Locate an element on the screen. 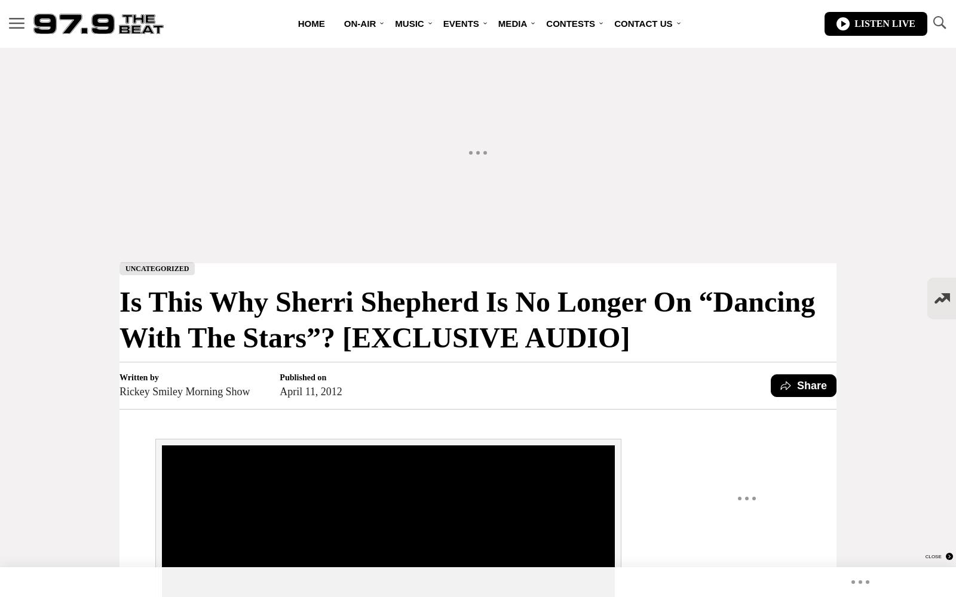  'Uncategorized' is located at coordinates (157, 268).